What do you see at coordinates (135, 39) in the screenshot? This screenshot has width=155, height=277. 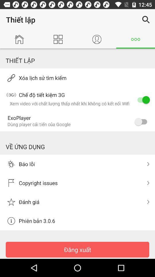 I see `the more icon` at bounding box center [135, 39].